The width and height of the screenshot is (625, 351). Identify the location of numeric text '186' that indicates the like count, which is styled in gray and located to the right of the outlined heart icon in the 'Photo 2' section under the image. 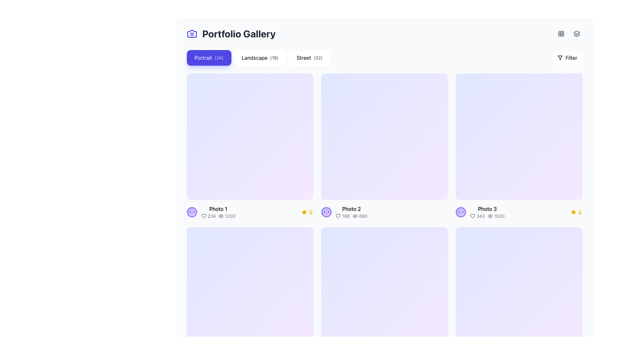
(342, 216).